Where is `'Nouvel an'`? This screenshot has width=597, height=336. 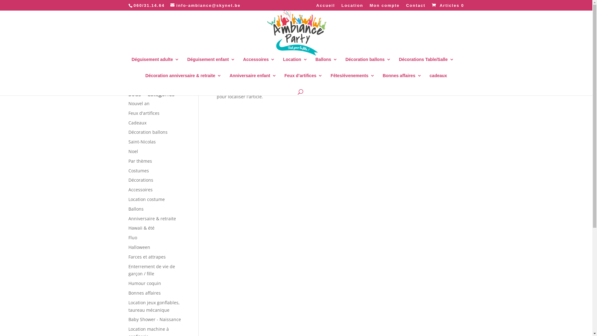 'Nouvel an' is located at coordinates (138, 103).